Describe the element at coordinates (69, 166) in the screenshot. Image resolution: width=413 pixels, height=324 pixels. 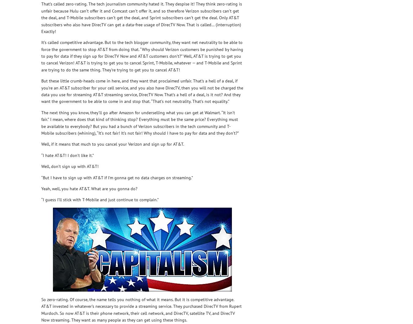
I see `'Well, don’t sign up with AT&T!'` at that location.